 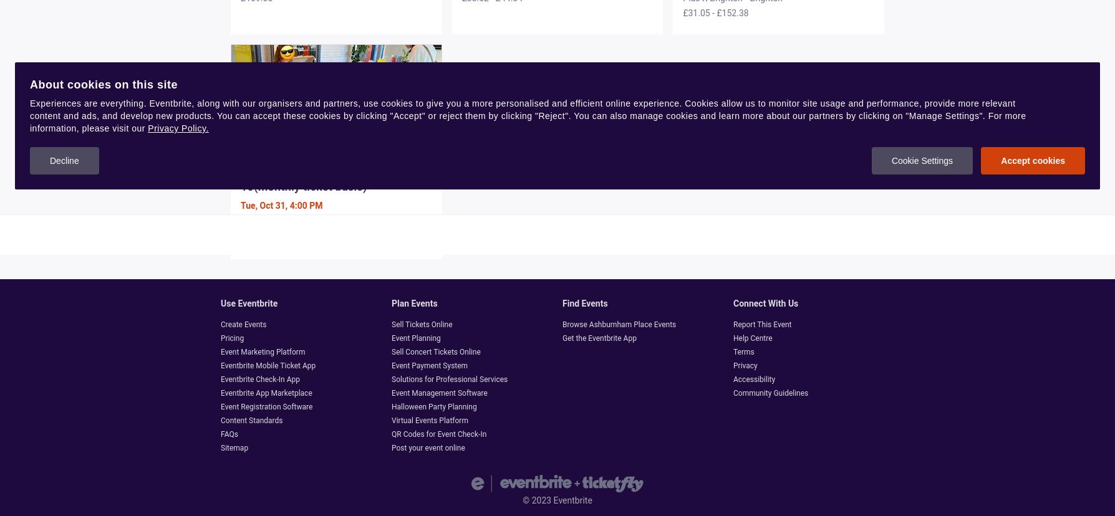 I want to click on 'Terms', so click(x=732, y=352).